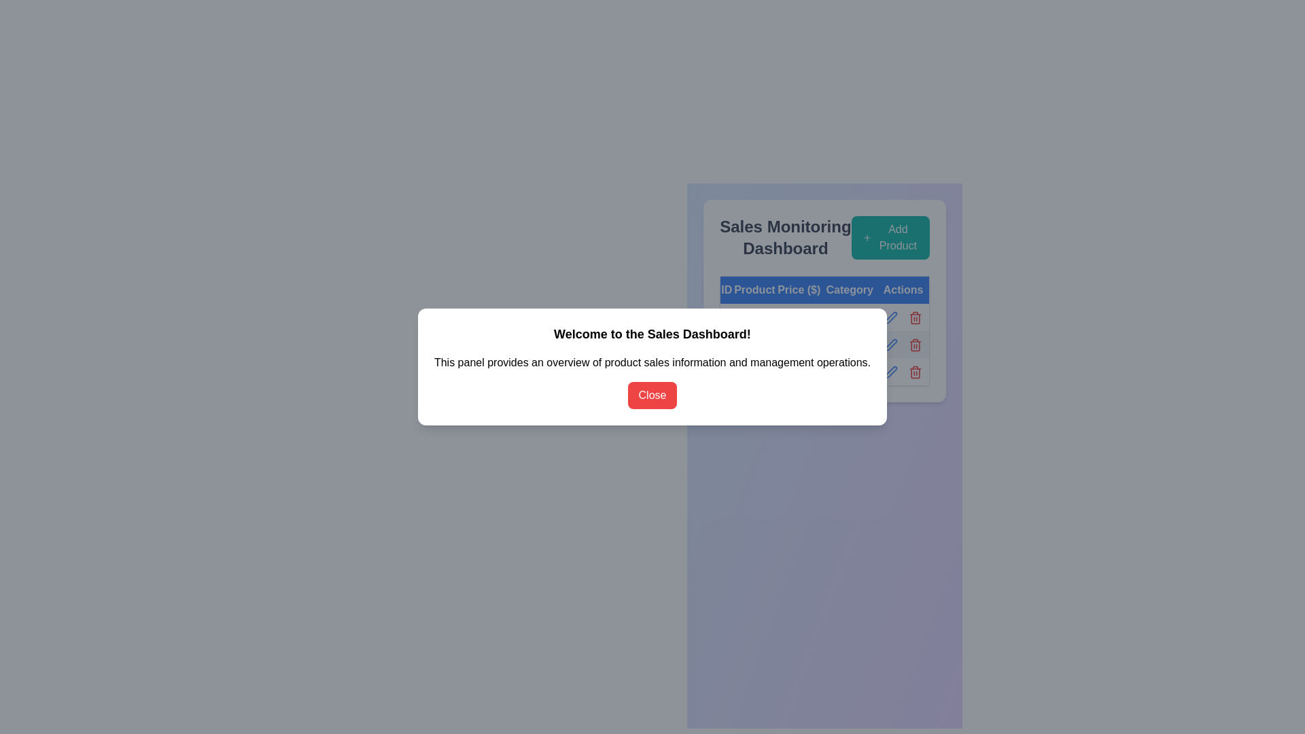  Describe the element at coordinates (890, 237) in the screenshot. I see `the 'Add New Product' button located in the top-right section of the 'Sales Monitoring Dashboard'` at that location.